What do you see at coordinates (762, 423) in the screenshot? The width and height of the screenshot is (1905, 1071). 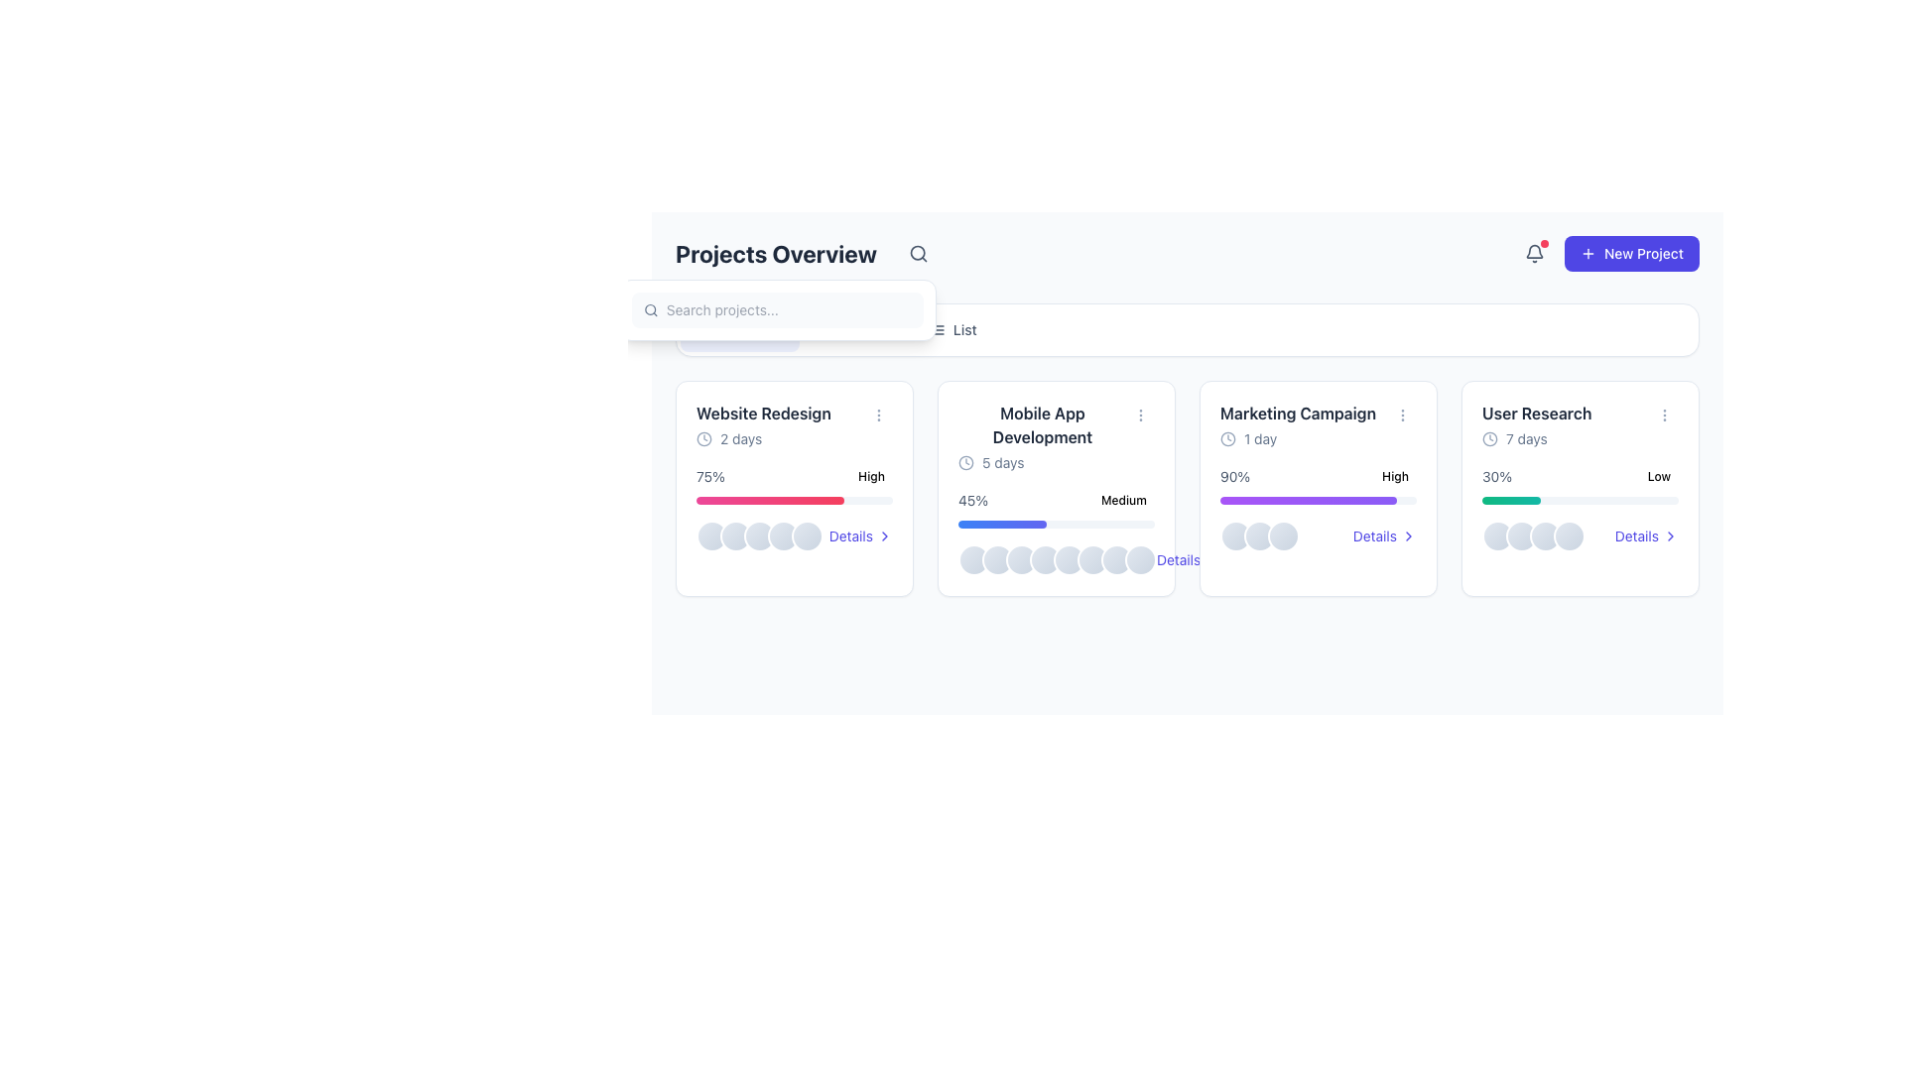 I see `the 'Website Redesign' text block in the top-left section of the first project card` at bounding box center [762, 423].